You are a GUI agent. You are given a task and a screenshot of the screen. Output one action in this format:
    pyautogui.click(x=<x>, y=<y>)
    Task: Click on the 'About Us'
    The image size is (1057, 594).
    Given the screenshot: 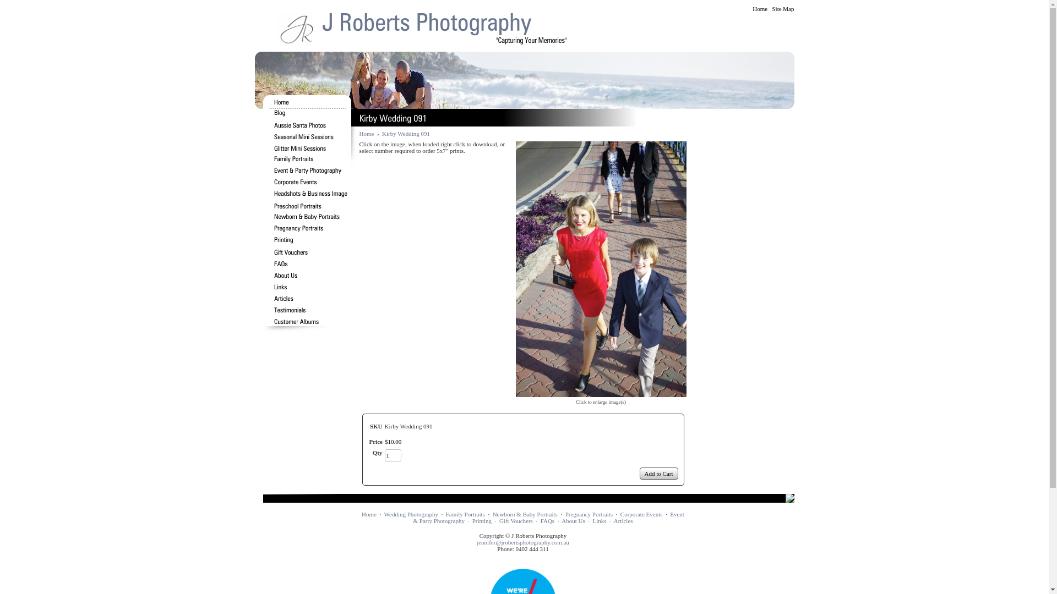 What is the action you would take?
    pyautogui.click(x=573, y=520)
    